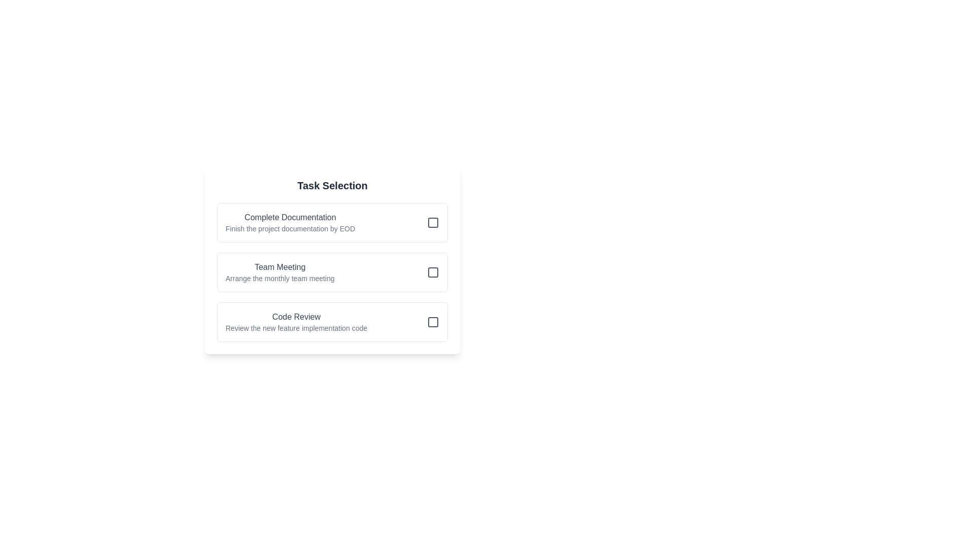  Describe the element at coordinates (433, 222) in the screenshot. I see `the Checkbox-like toggle button located on the far-right side of the row titled 'Complete Documentation', which is a square icon outlined in gray with a hollow center` at that location.